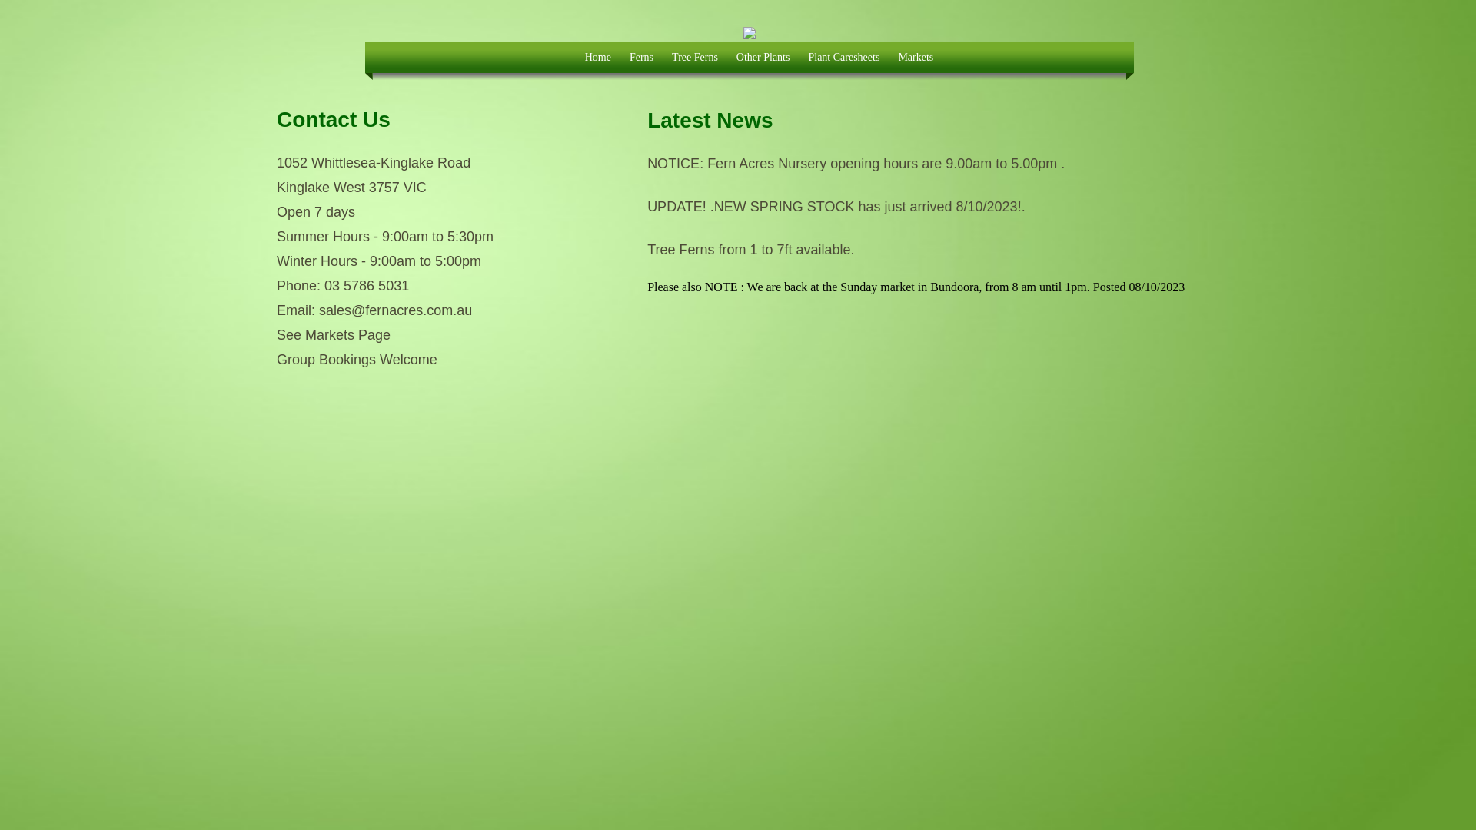 The width and height of the screenshot is (1476, 830). What do you see at coordinates (889, 61) in the screenshot?
I see `'Markets'` at bounding box center [889, 61].